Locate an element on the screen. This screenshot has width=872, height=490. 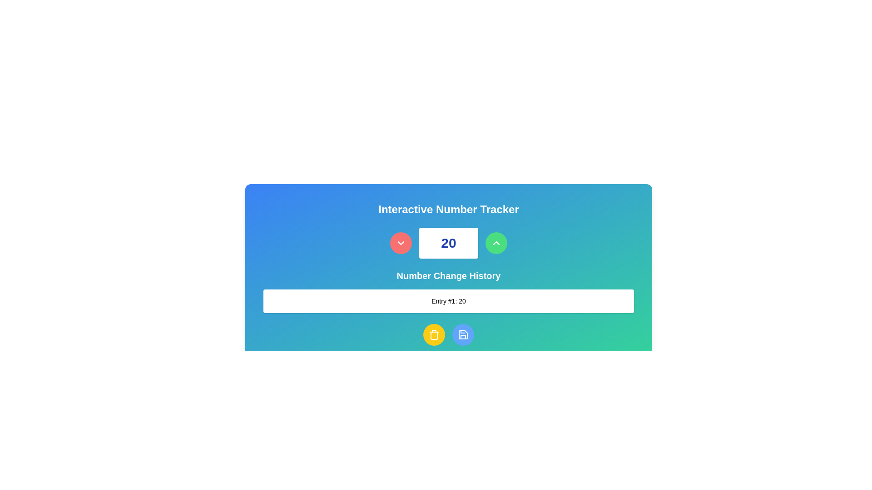
the informational label displaying a single entry from the number change history log located in the 'Number Change History' section at the bottom of the primary interface is located at coordinates (449, 301).